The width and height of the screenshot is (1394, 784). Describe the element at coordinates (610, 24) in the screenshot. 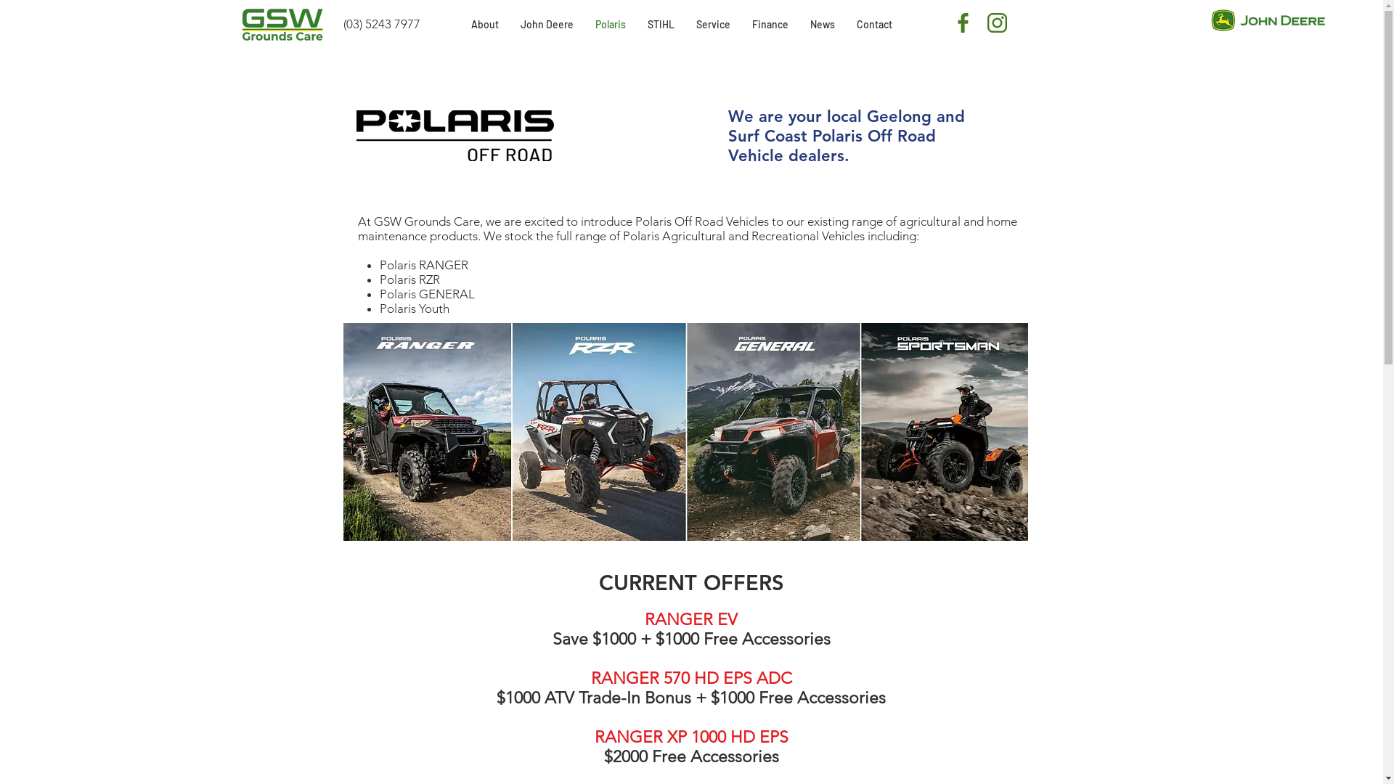

I see `'Polaris'` at that location.